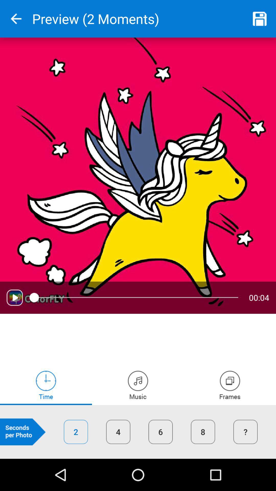 The image size is (276, 491). I want to click on alarm, so click(46, 385).